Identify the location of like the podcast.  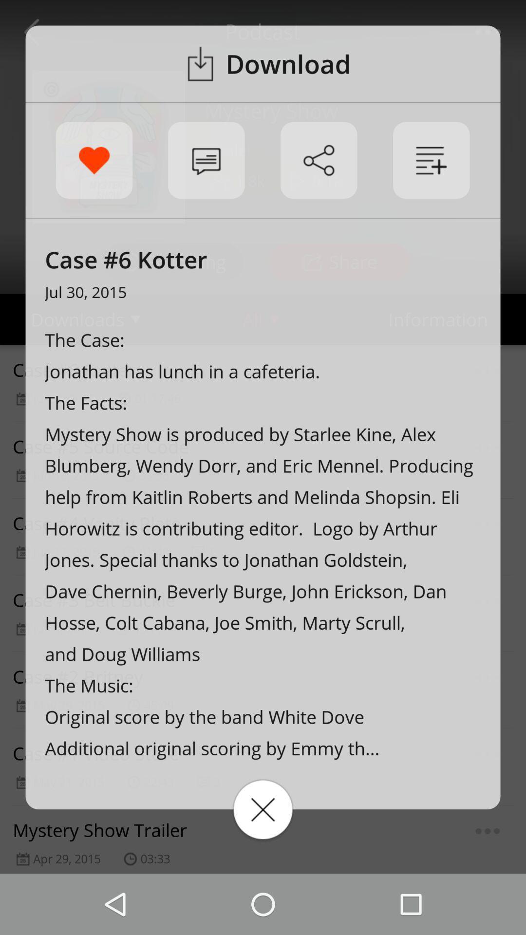
(94, 160).